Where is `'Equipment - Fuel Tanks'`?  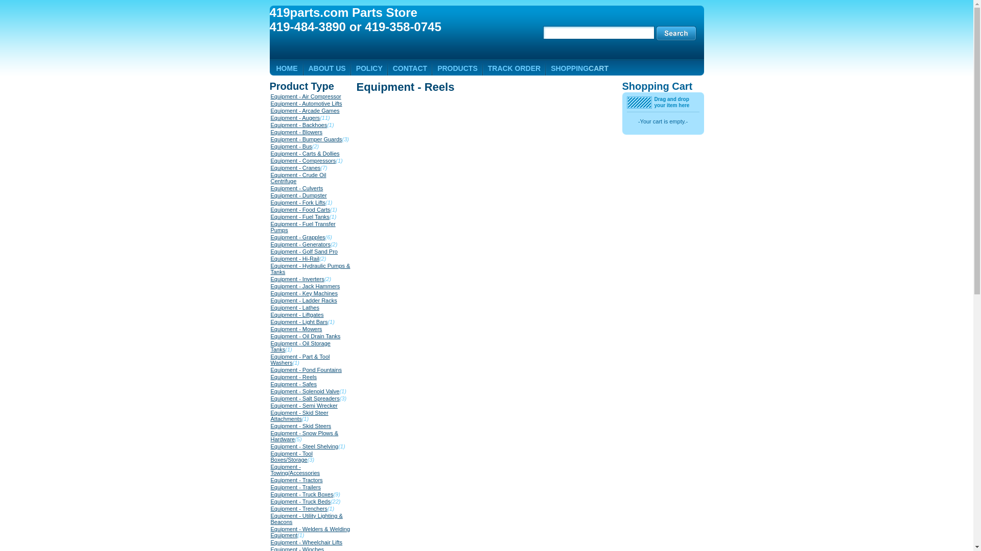
'Equipment - Fuel Tanks' is located at coordinates (299, 216).